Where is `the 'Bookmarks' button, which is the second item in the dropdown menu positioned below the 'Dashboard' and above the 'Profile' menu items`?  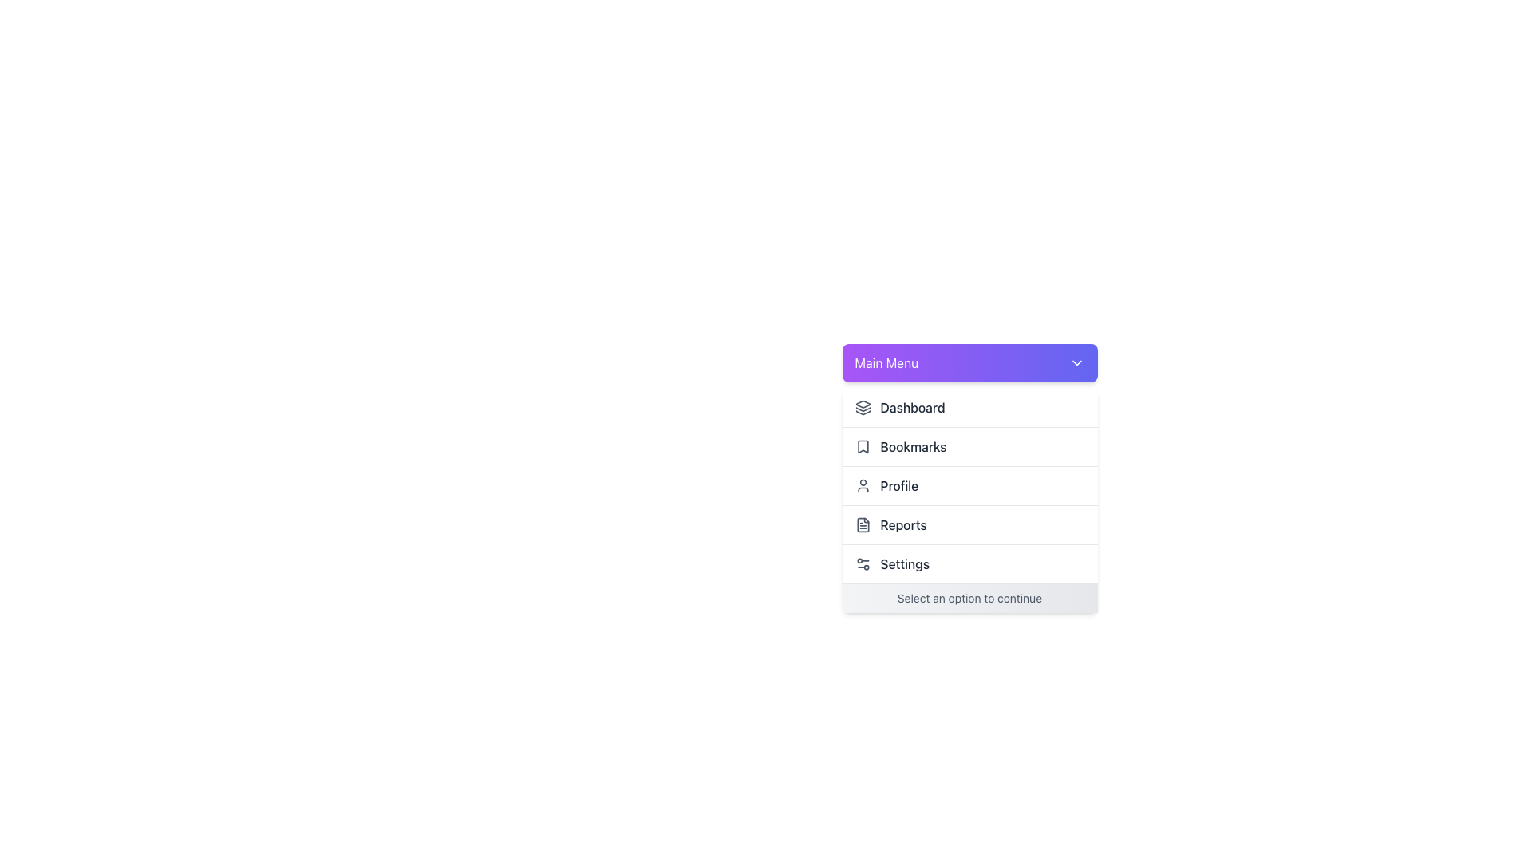
the 'Bookmarks' button, which is the second item in the dropdown menu positioned below the 'Dashboard' and above the 'Profile' menu items is located at coordinates (969, 446).